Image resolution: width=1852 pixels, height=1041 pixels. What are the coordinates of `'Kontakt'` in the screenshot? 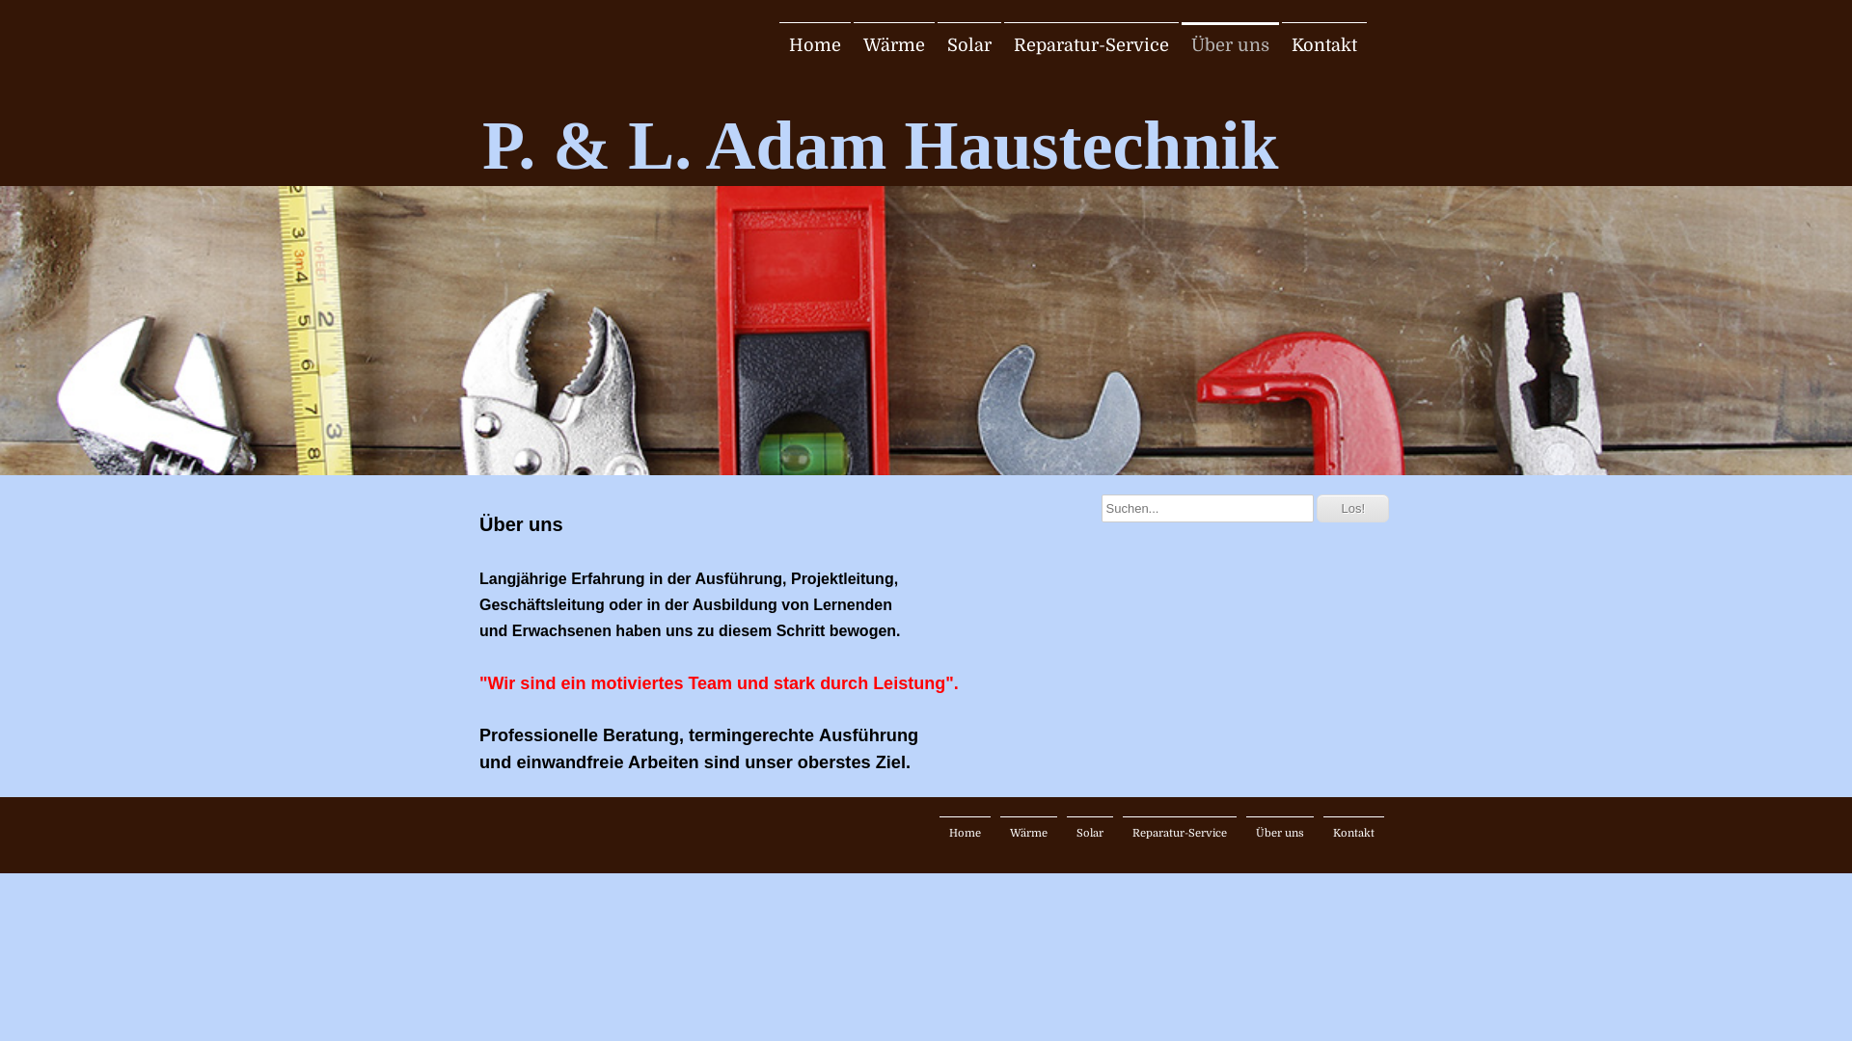 It's located at (1322, 832).